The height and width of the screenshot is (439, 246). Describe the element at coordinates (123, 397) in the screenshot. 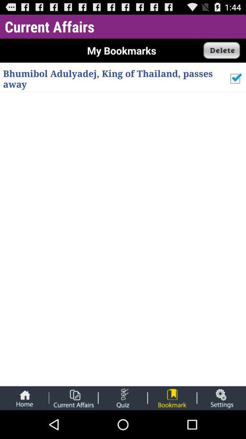

I see `quiz page` at that location.